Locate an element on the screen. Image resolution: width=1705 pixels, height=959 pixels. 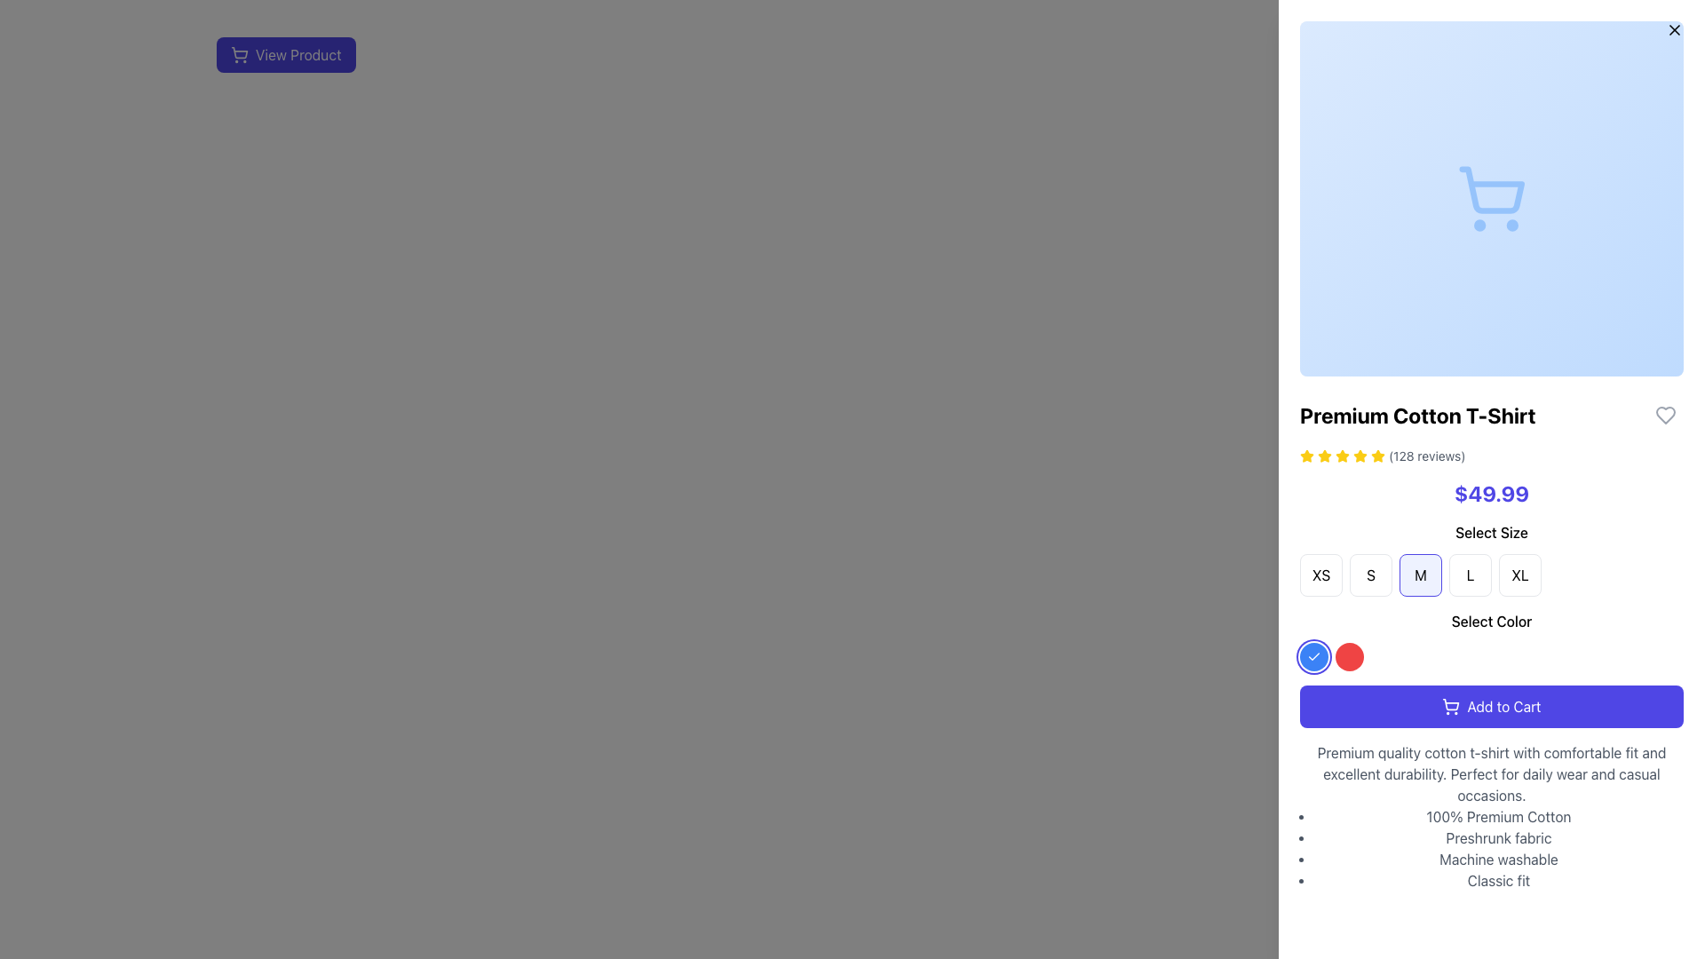
the first circular button with a blue background and a white checkmark icon, located beneath the 'Select Color' label is located at coordinates (1313, 657).